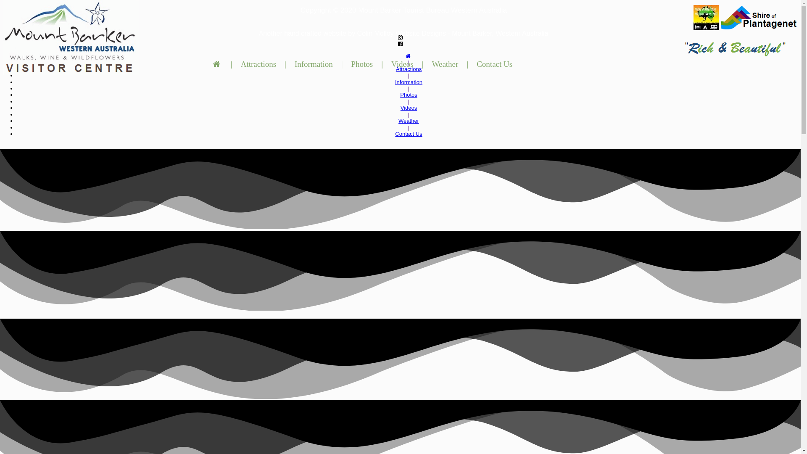  Describe the element at coordinates (445, 64) in the screenshot. I see `'Weather'` at that location.